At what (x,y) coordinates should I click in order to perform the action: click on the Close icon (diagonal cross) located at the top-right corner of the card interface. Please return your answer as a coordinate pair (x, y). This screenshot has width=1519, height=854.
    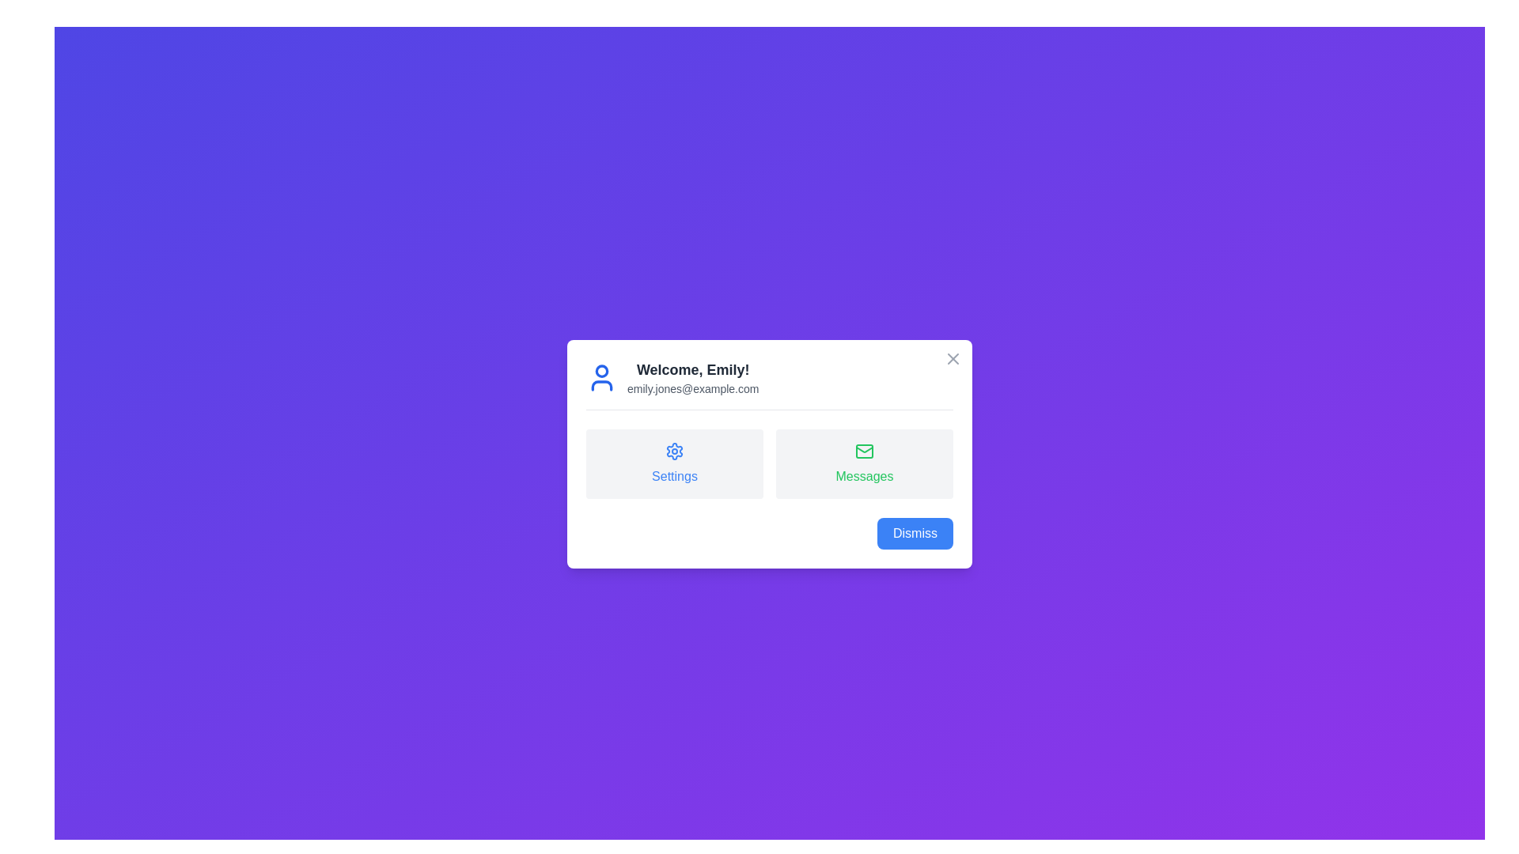
    Looking at the image, I should click on (952, 358).